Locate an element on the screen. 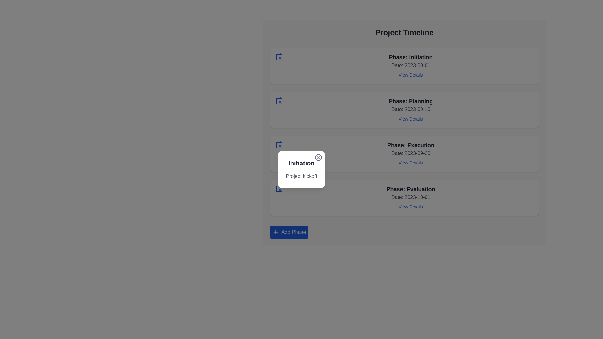 This screenshot has height=339, width=603. text label that informs the user about the date associated with the initiation phase of the project timeline, located between 'Phase: Initiation' and 'View Details' is located at coordinates (411, 65).